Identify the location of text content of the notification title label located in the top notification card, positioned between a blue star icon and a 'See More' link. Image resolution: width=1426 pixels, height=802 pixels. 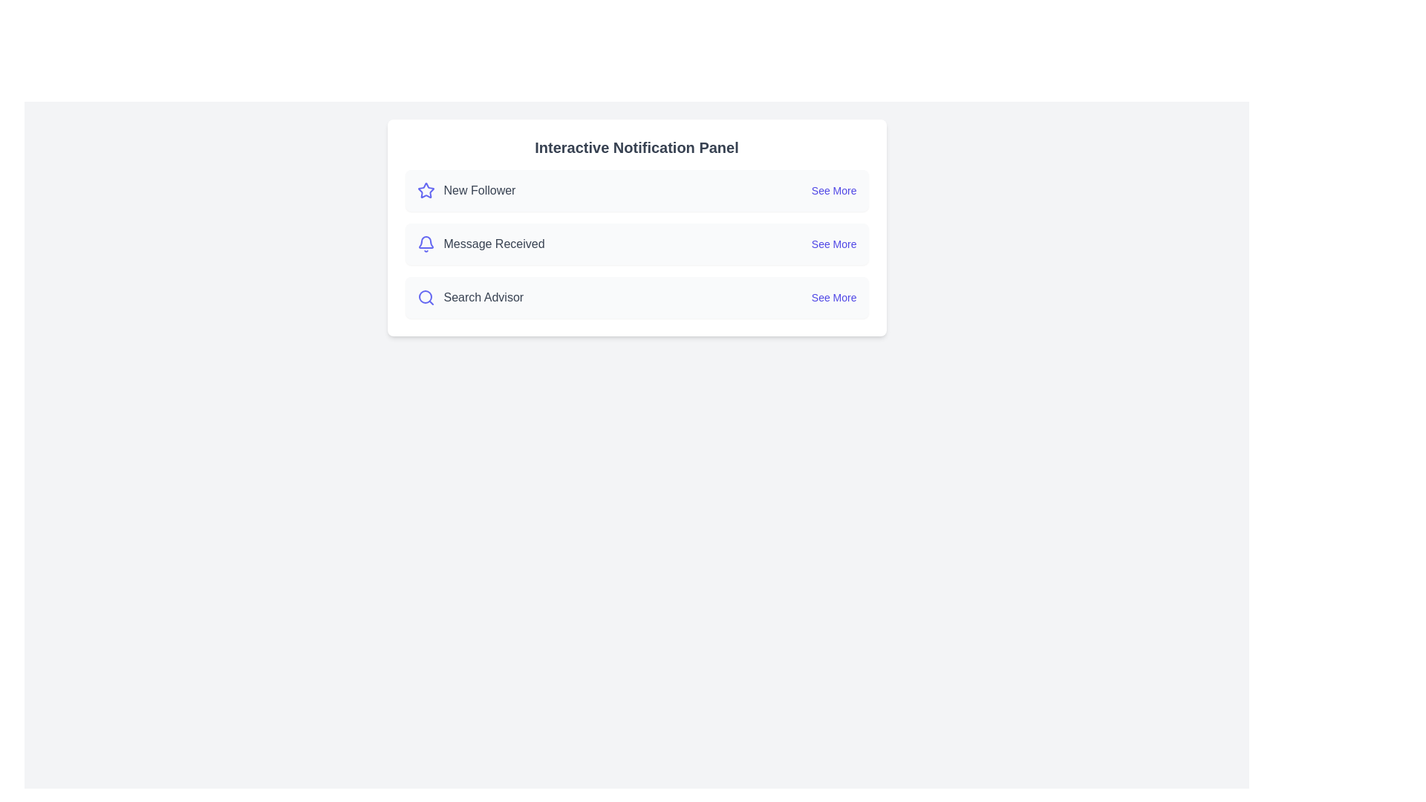
(479, 190).